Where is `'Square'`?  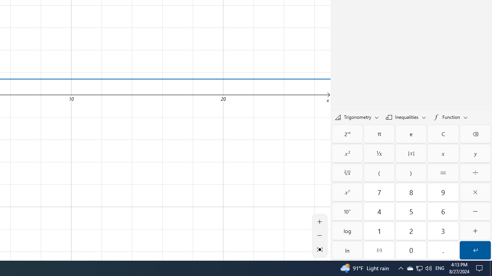
'Square' is located at coordinates (347, 153).